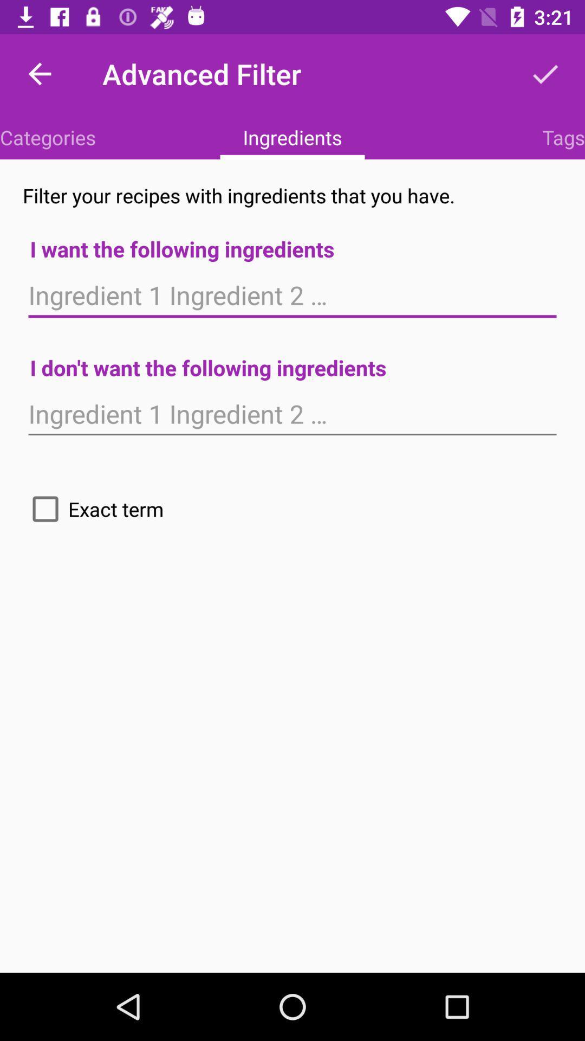 The image size is (585, 1041). I want to click on item to the right of advanced filter item, so click(545, 73).